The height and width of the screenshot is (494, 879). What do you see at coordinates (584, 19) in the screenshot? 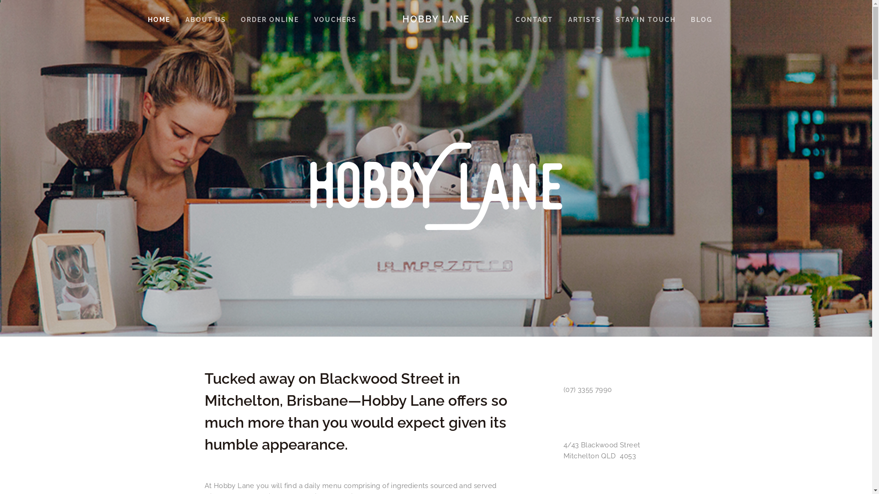
I see `'ARTISTS'` at bounding box center [584, 19].